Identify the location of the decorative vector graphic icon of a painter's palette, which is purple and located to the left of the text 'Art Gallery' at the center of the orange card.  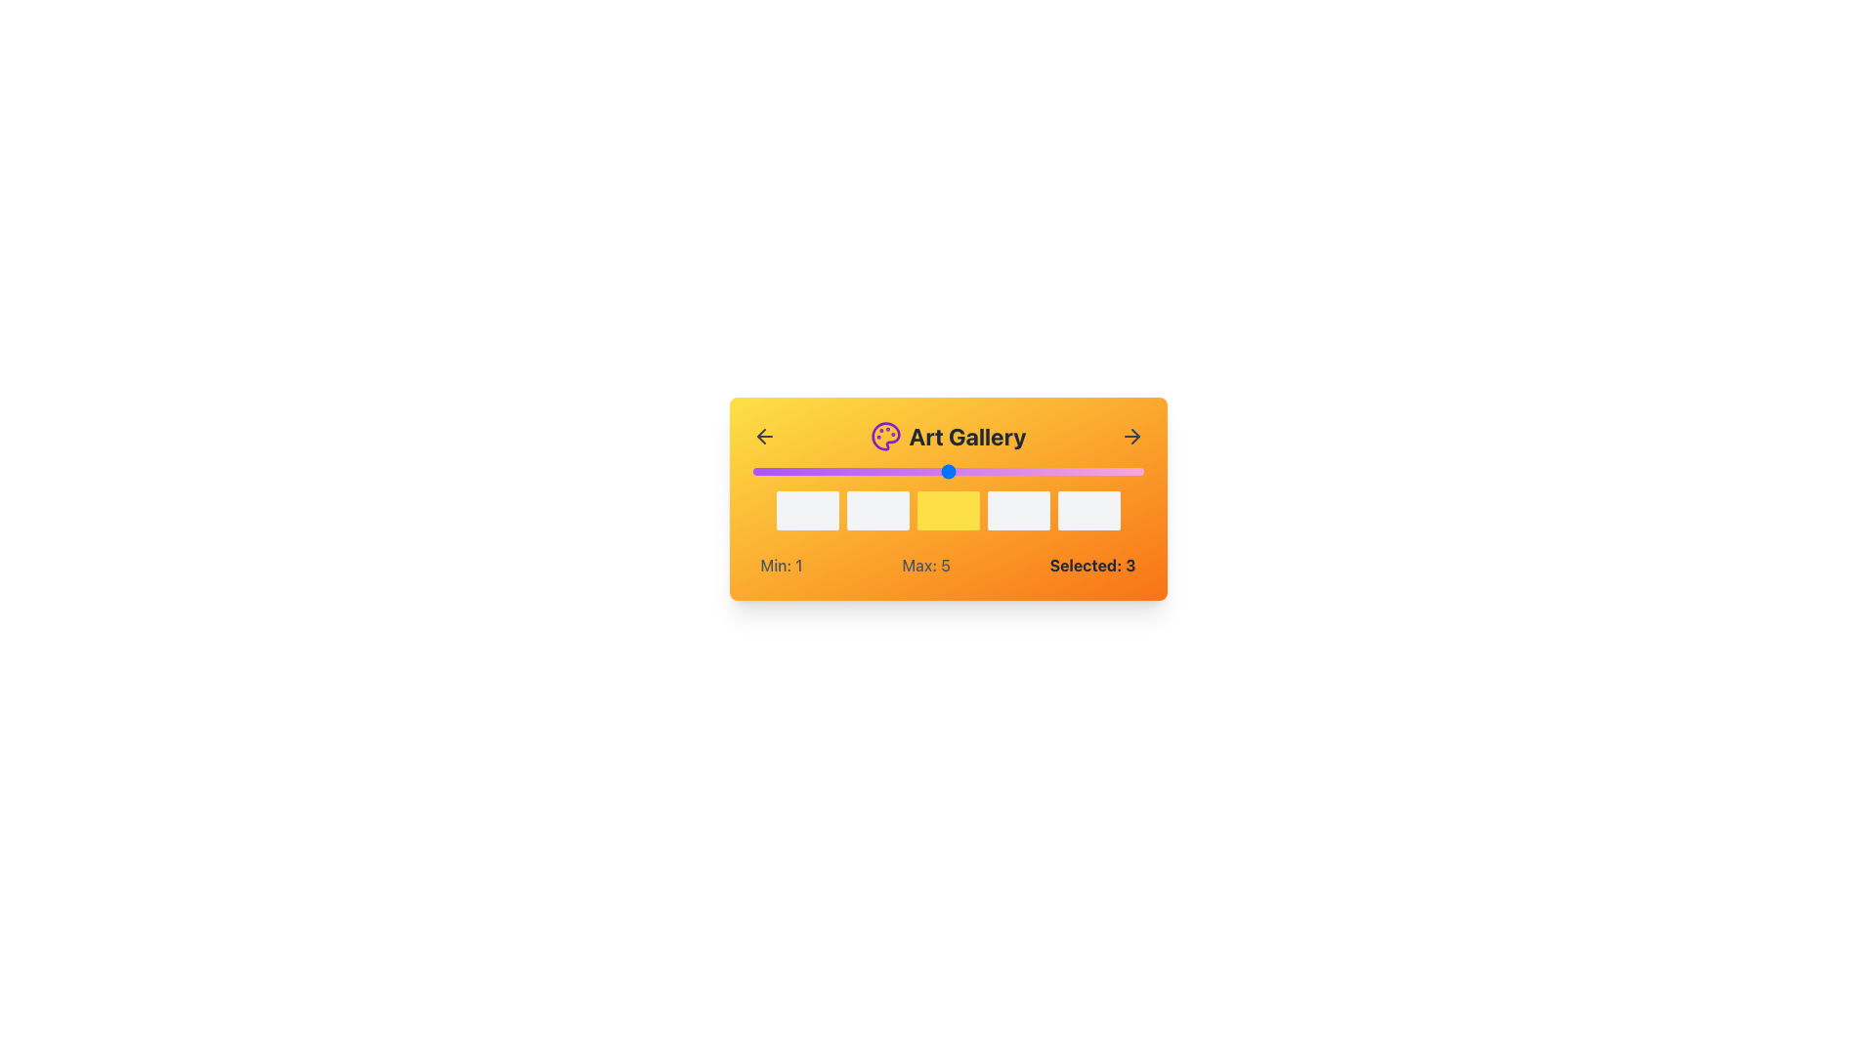
(884, 436).